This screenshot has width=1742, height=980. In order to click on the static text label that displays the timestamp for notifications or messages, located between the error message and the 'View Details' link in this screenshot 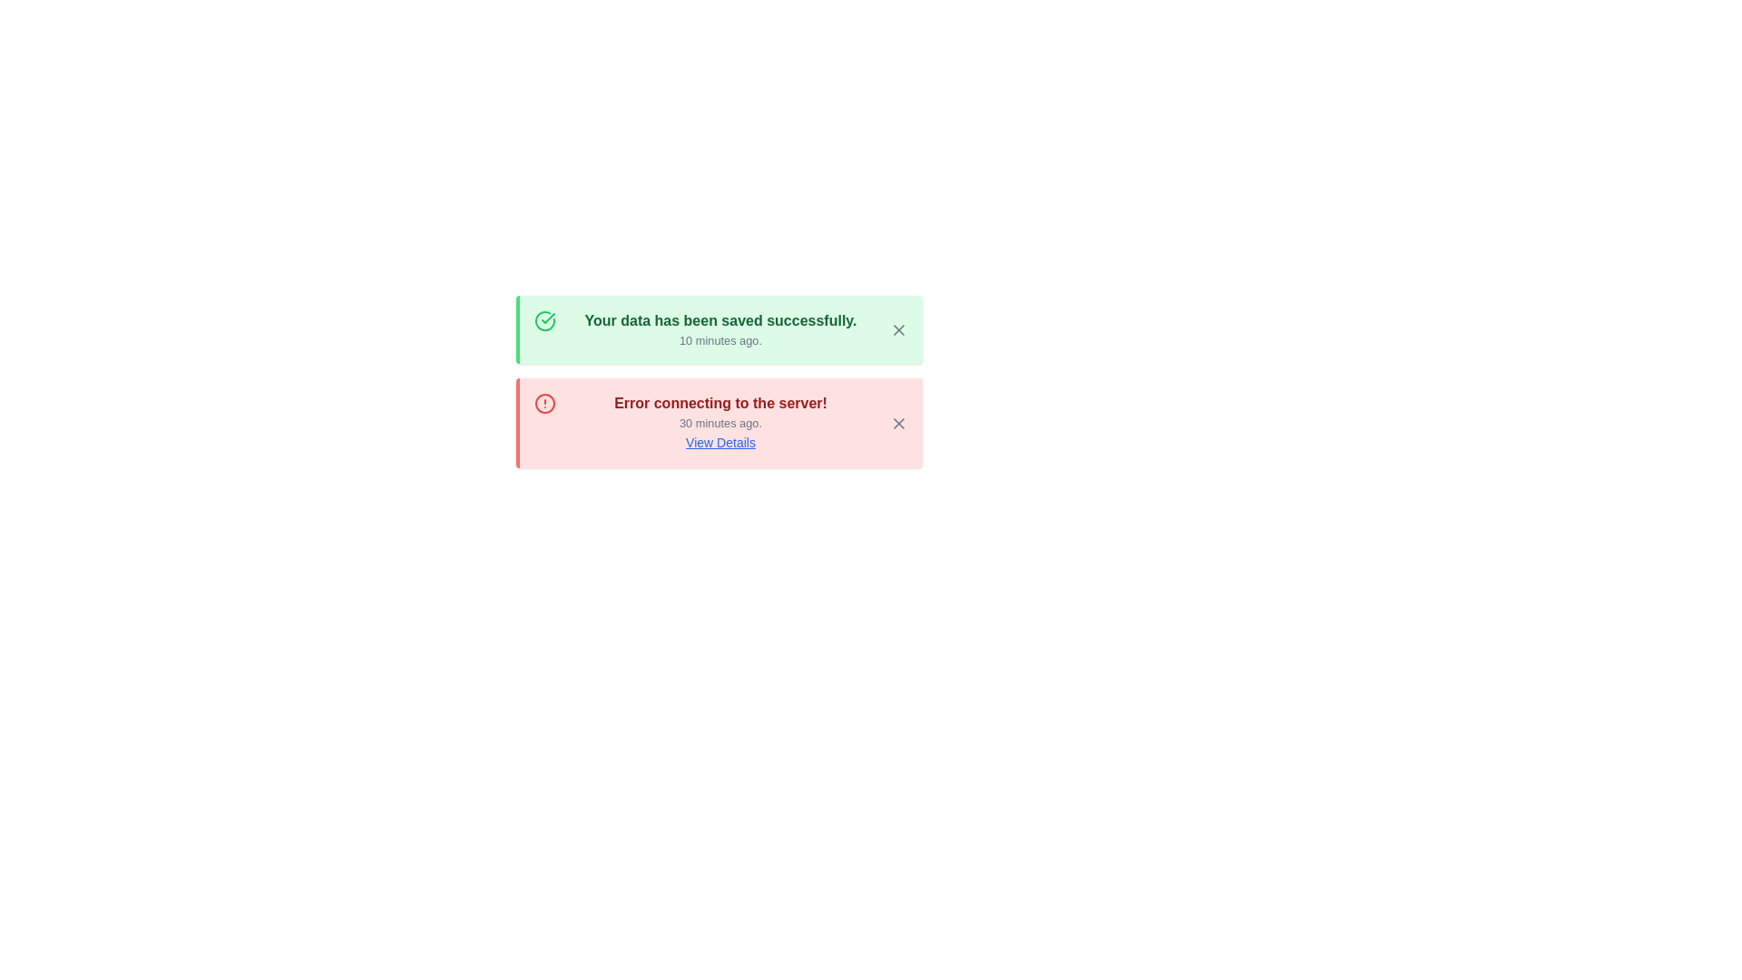, I will do `click(719, 423)`.